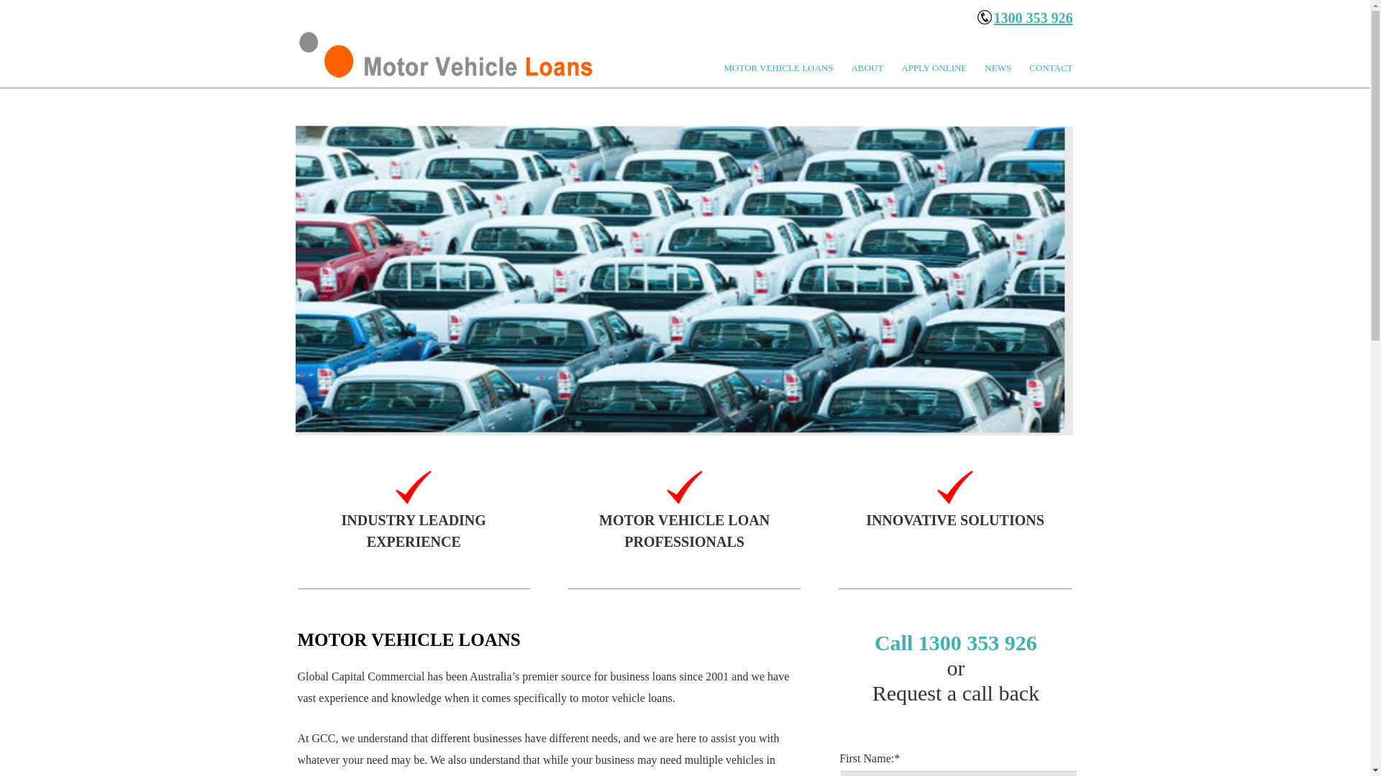 The image size is (1381, 776). Describe the element at coordinates (717, 68) in the screenshot. I see `'Skip to secondary content'` at that location.